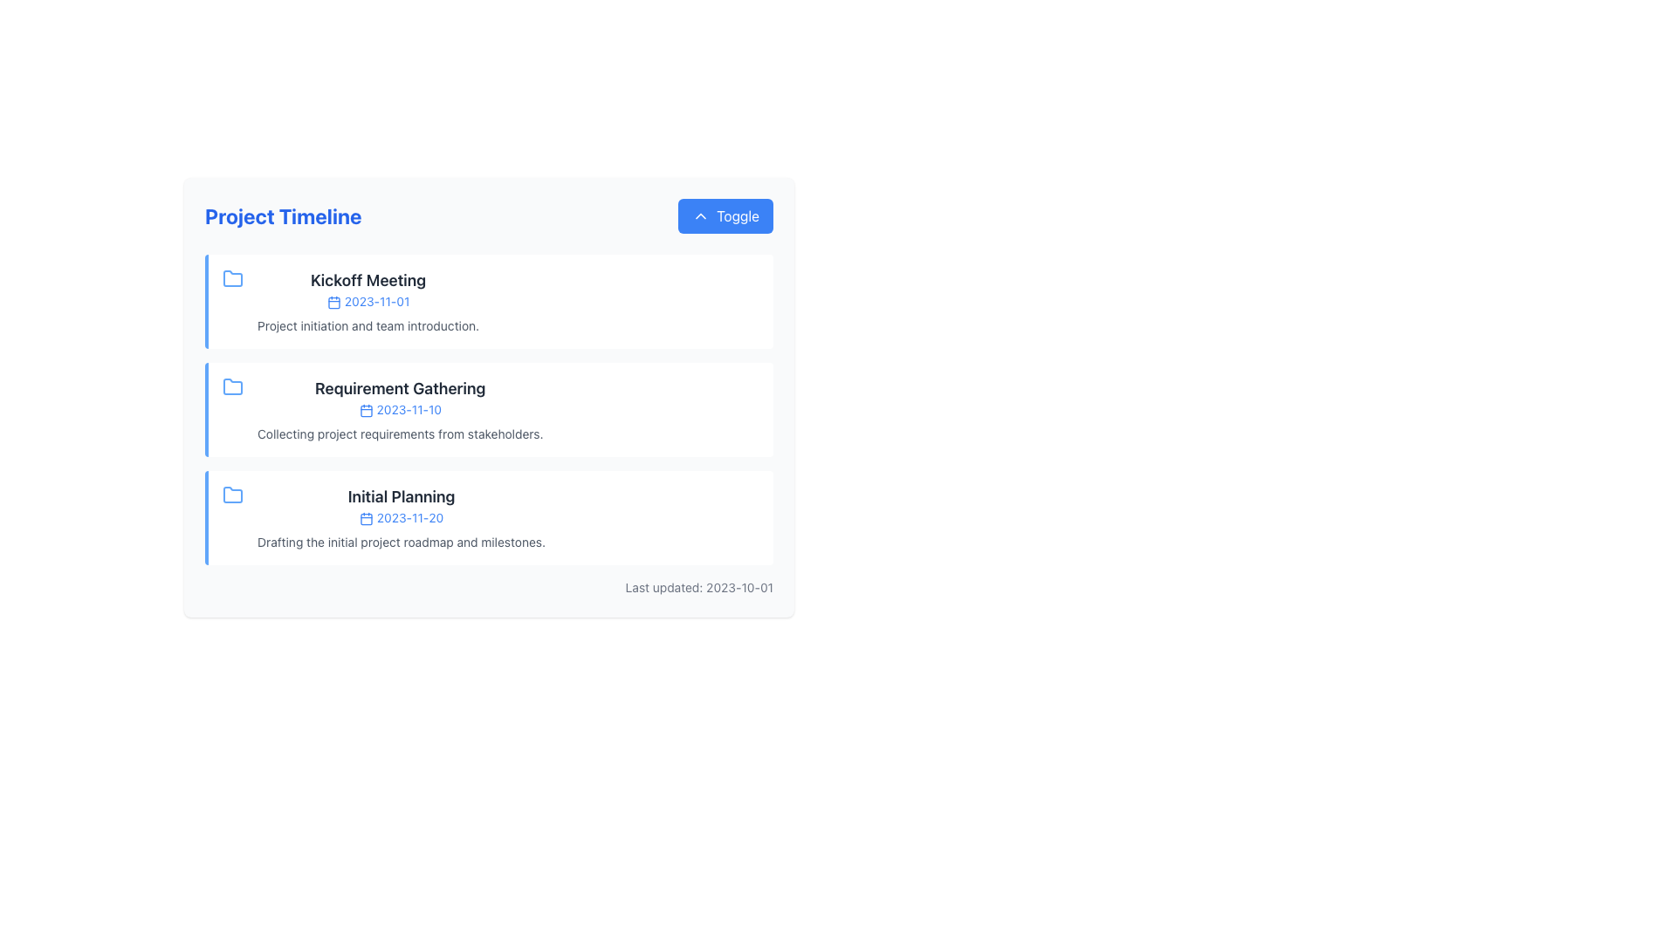 The image size is (1676, 942). Describe the element at coordinates (232, 495) in the screenshot. I see `the blue folder icon located in the third section of the vertical list under 'Project Timeline', next to 'Initial Planning' and the date '2023-11-20'` at that location.